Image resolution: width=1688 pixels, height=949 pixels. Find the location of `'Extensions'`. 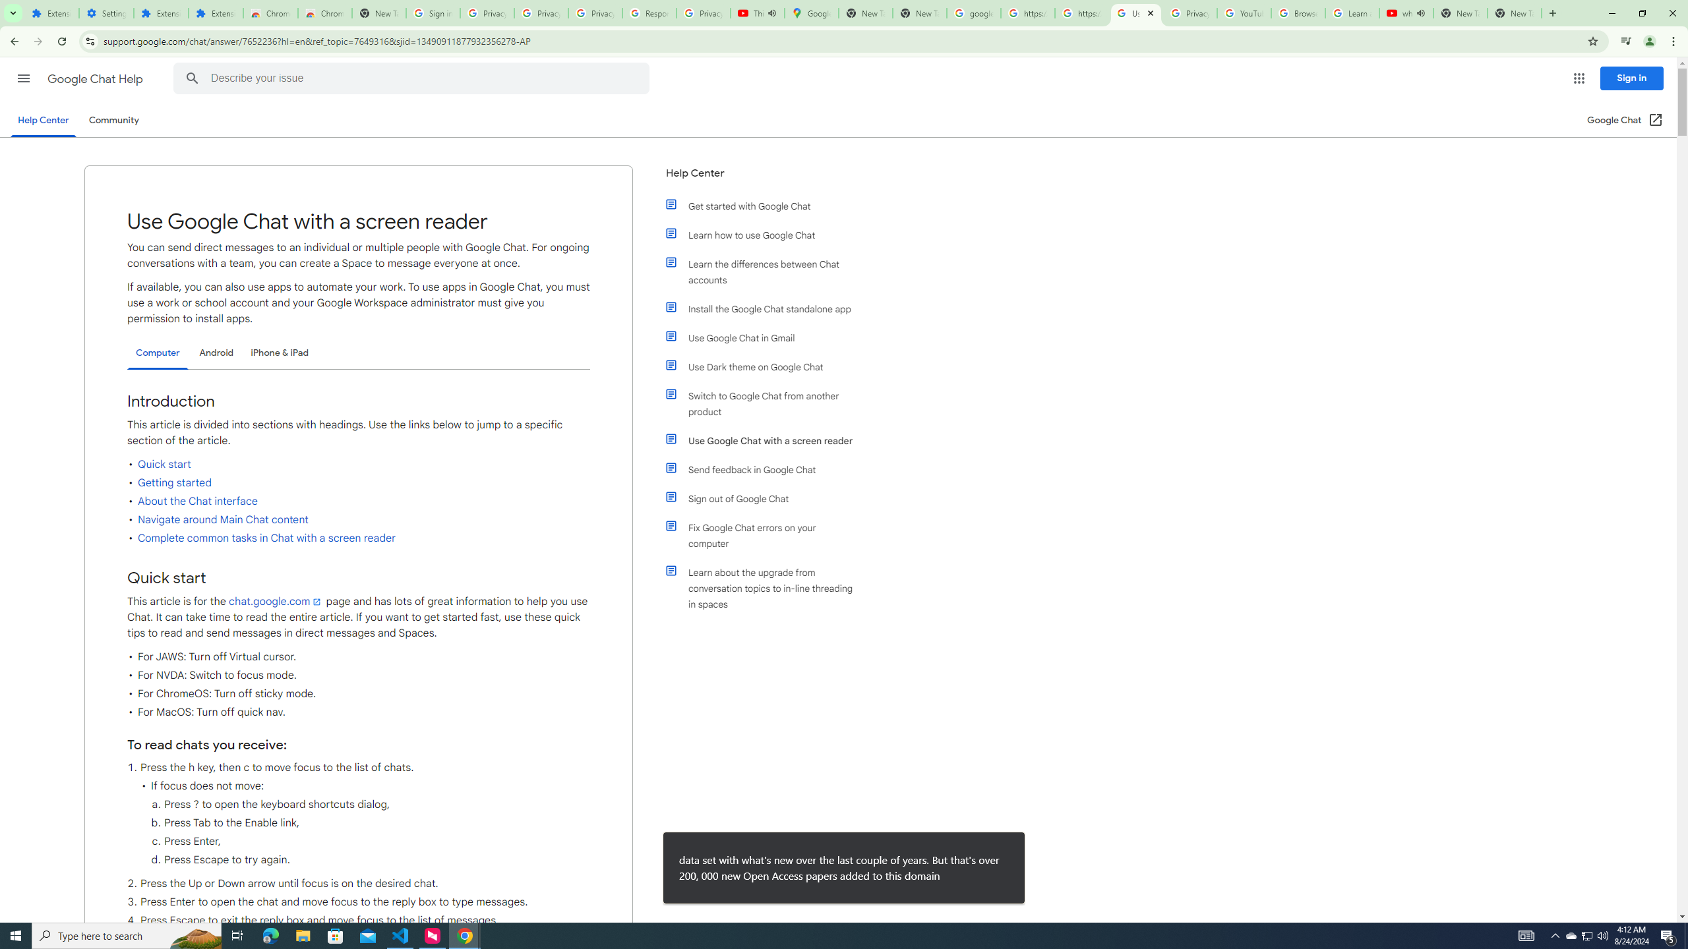

'Extensions' is located at coordinates (51, 13).